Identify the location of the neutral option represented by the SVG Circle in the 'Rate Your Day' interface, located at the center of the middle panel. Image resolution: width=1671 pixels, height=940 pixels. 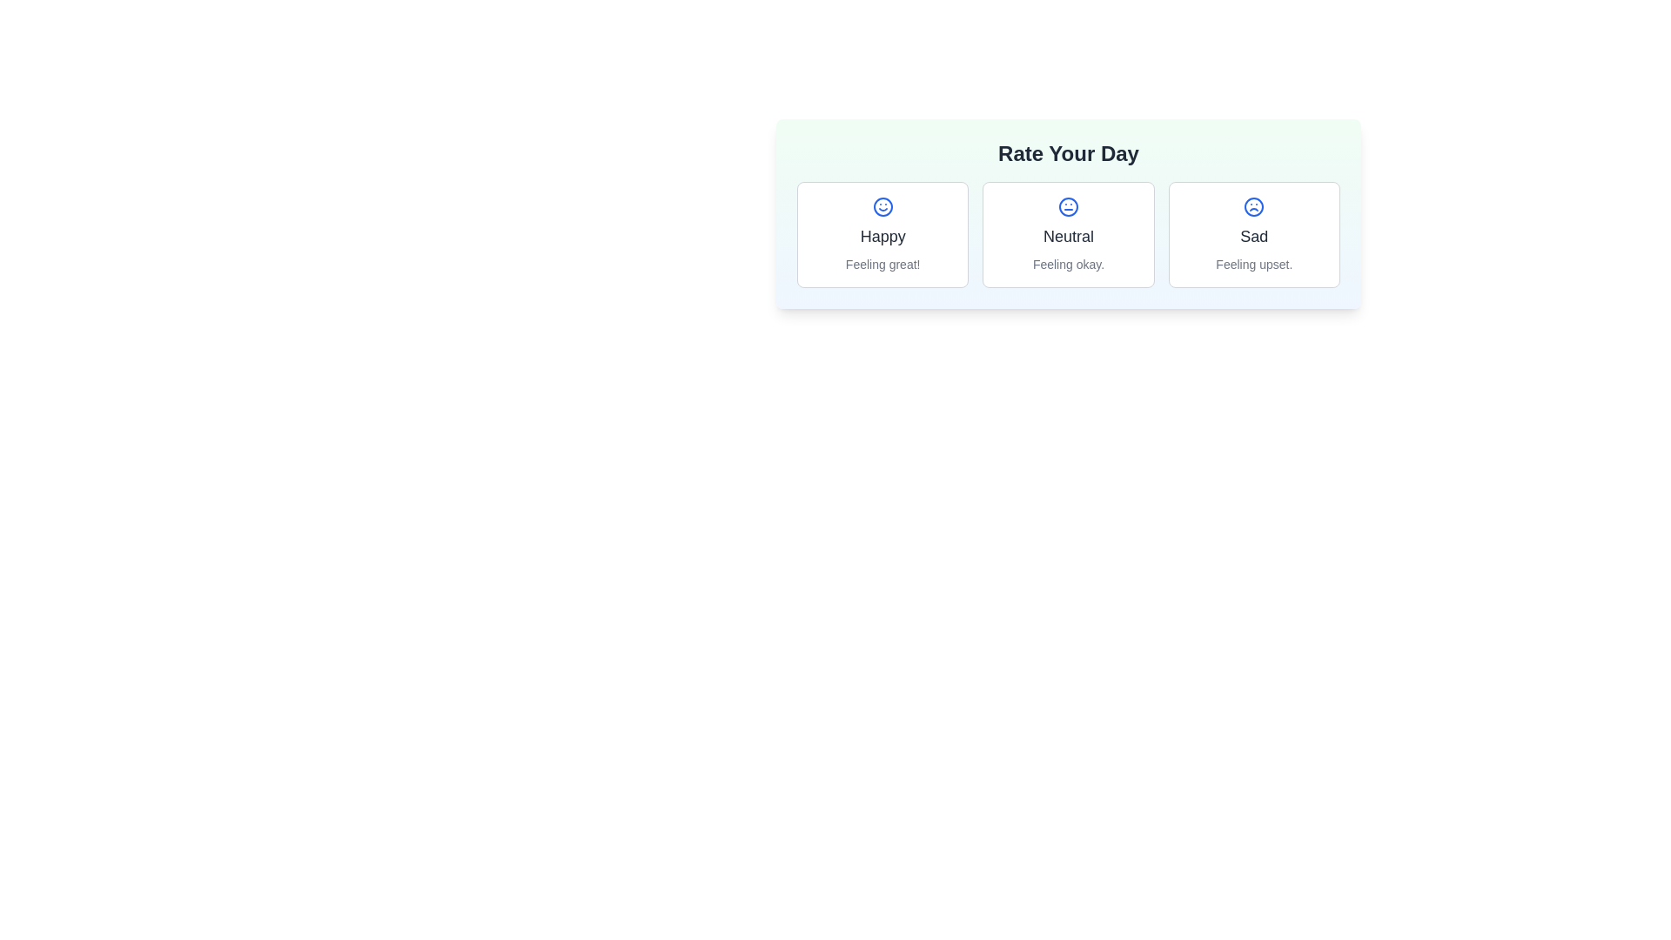
(1068, 206).